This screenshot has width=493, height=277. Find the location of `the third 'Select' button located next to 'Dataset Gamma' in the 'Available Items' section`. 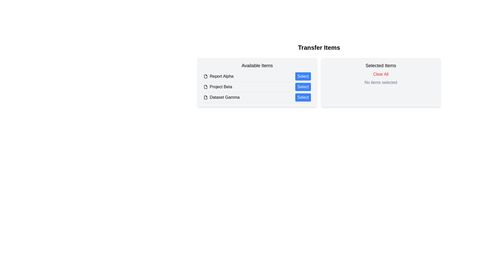

the third 'Select' button located next to 'Dataset Gamma' in the 'Available Items' section is located at coordinates (303, 97).